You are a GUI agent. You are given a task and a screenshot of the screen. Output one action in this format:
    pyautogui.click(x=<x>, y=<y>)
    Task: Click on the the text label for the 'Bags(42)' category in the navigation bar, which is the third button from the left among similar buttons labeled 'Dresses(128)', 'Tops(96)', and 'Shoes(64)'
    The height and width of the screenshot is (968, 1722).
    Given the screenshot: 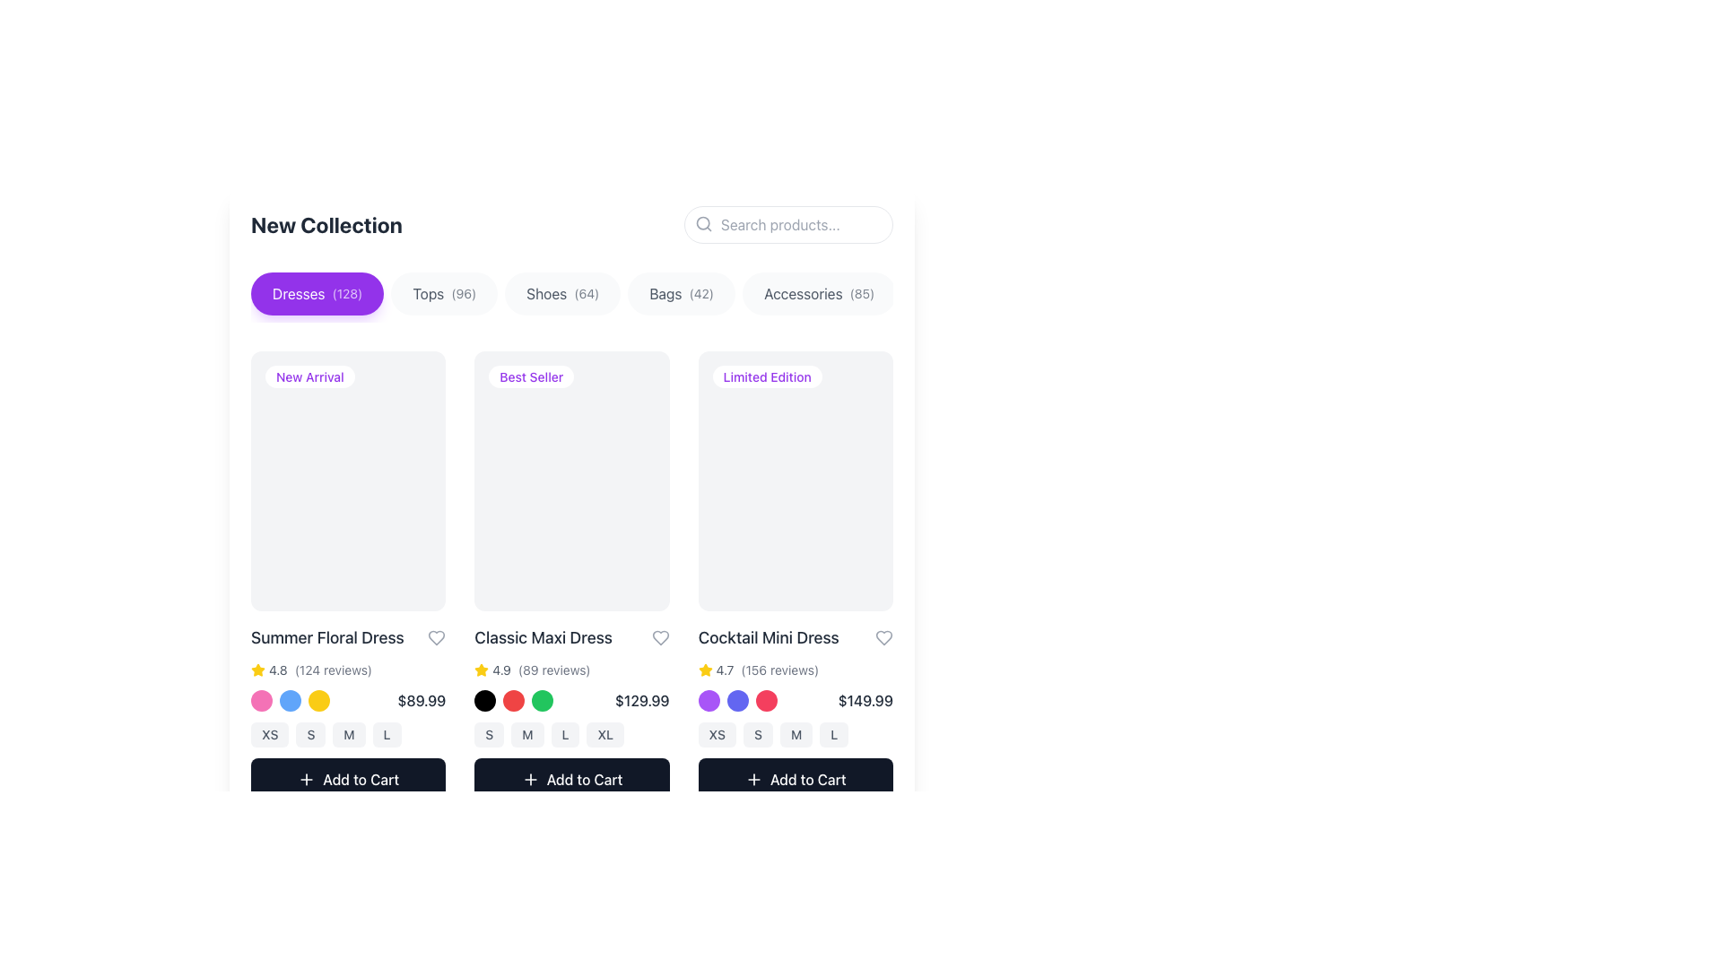 What is the action you would take?
    pyautogui.click(x=665, y=292)
    